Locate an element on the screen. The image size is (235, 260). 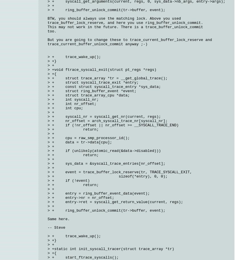
'> +	struct trace_array *tr = __get_global_trace();' is located at coordinates (107, 78).